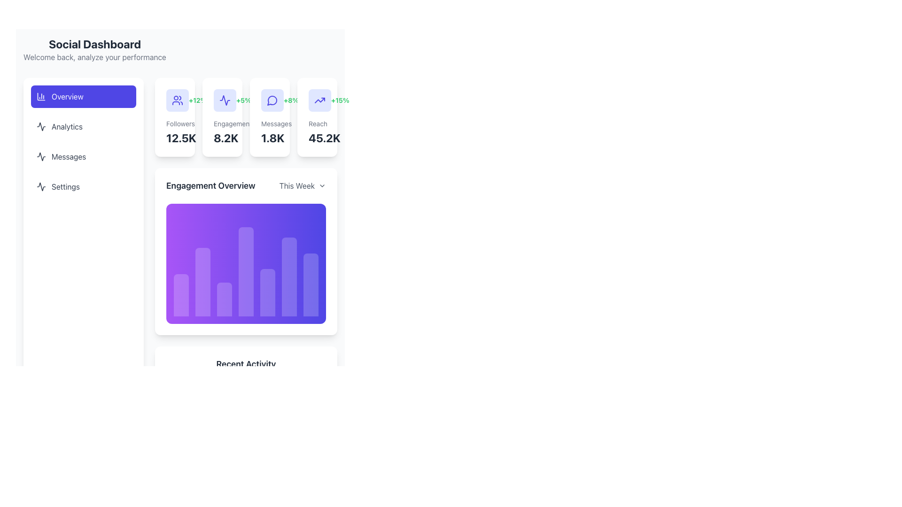  Describe the element at coordinates (94, 57) in the screenshot. I see `static text element that says 'Welcome back, analyze your performance', which is located beneath the 'Social Dashboard' header` at that location.